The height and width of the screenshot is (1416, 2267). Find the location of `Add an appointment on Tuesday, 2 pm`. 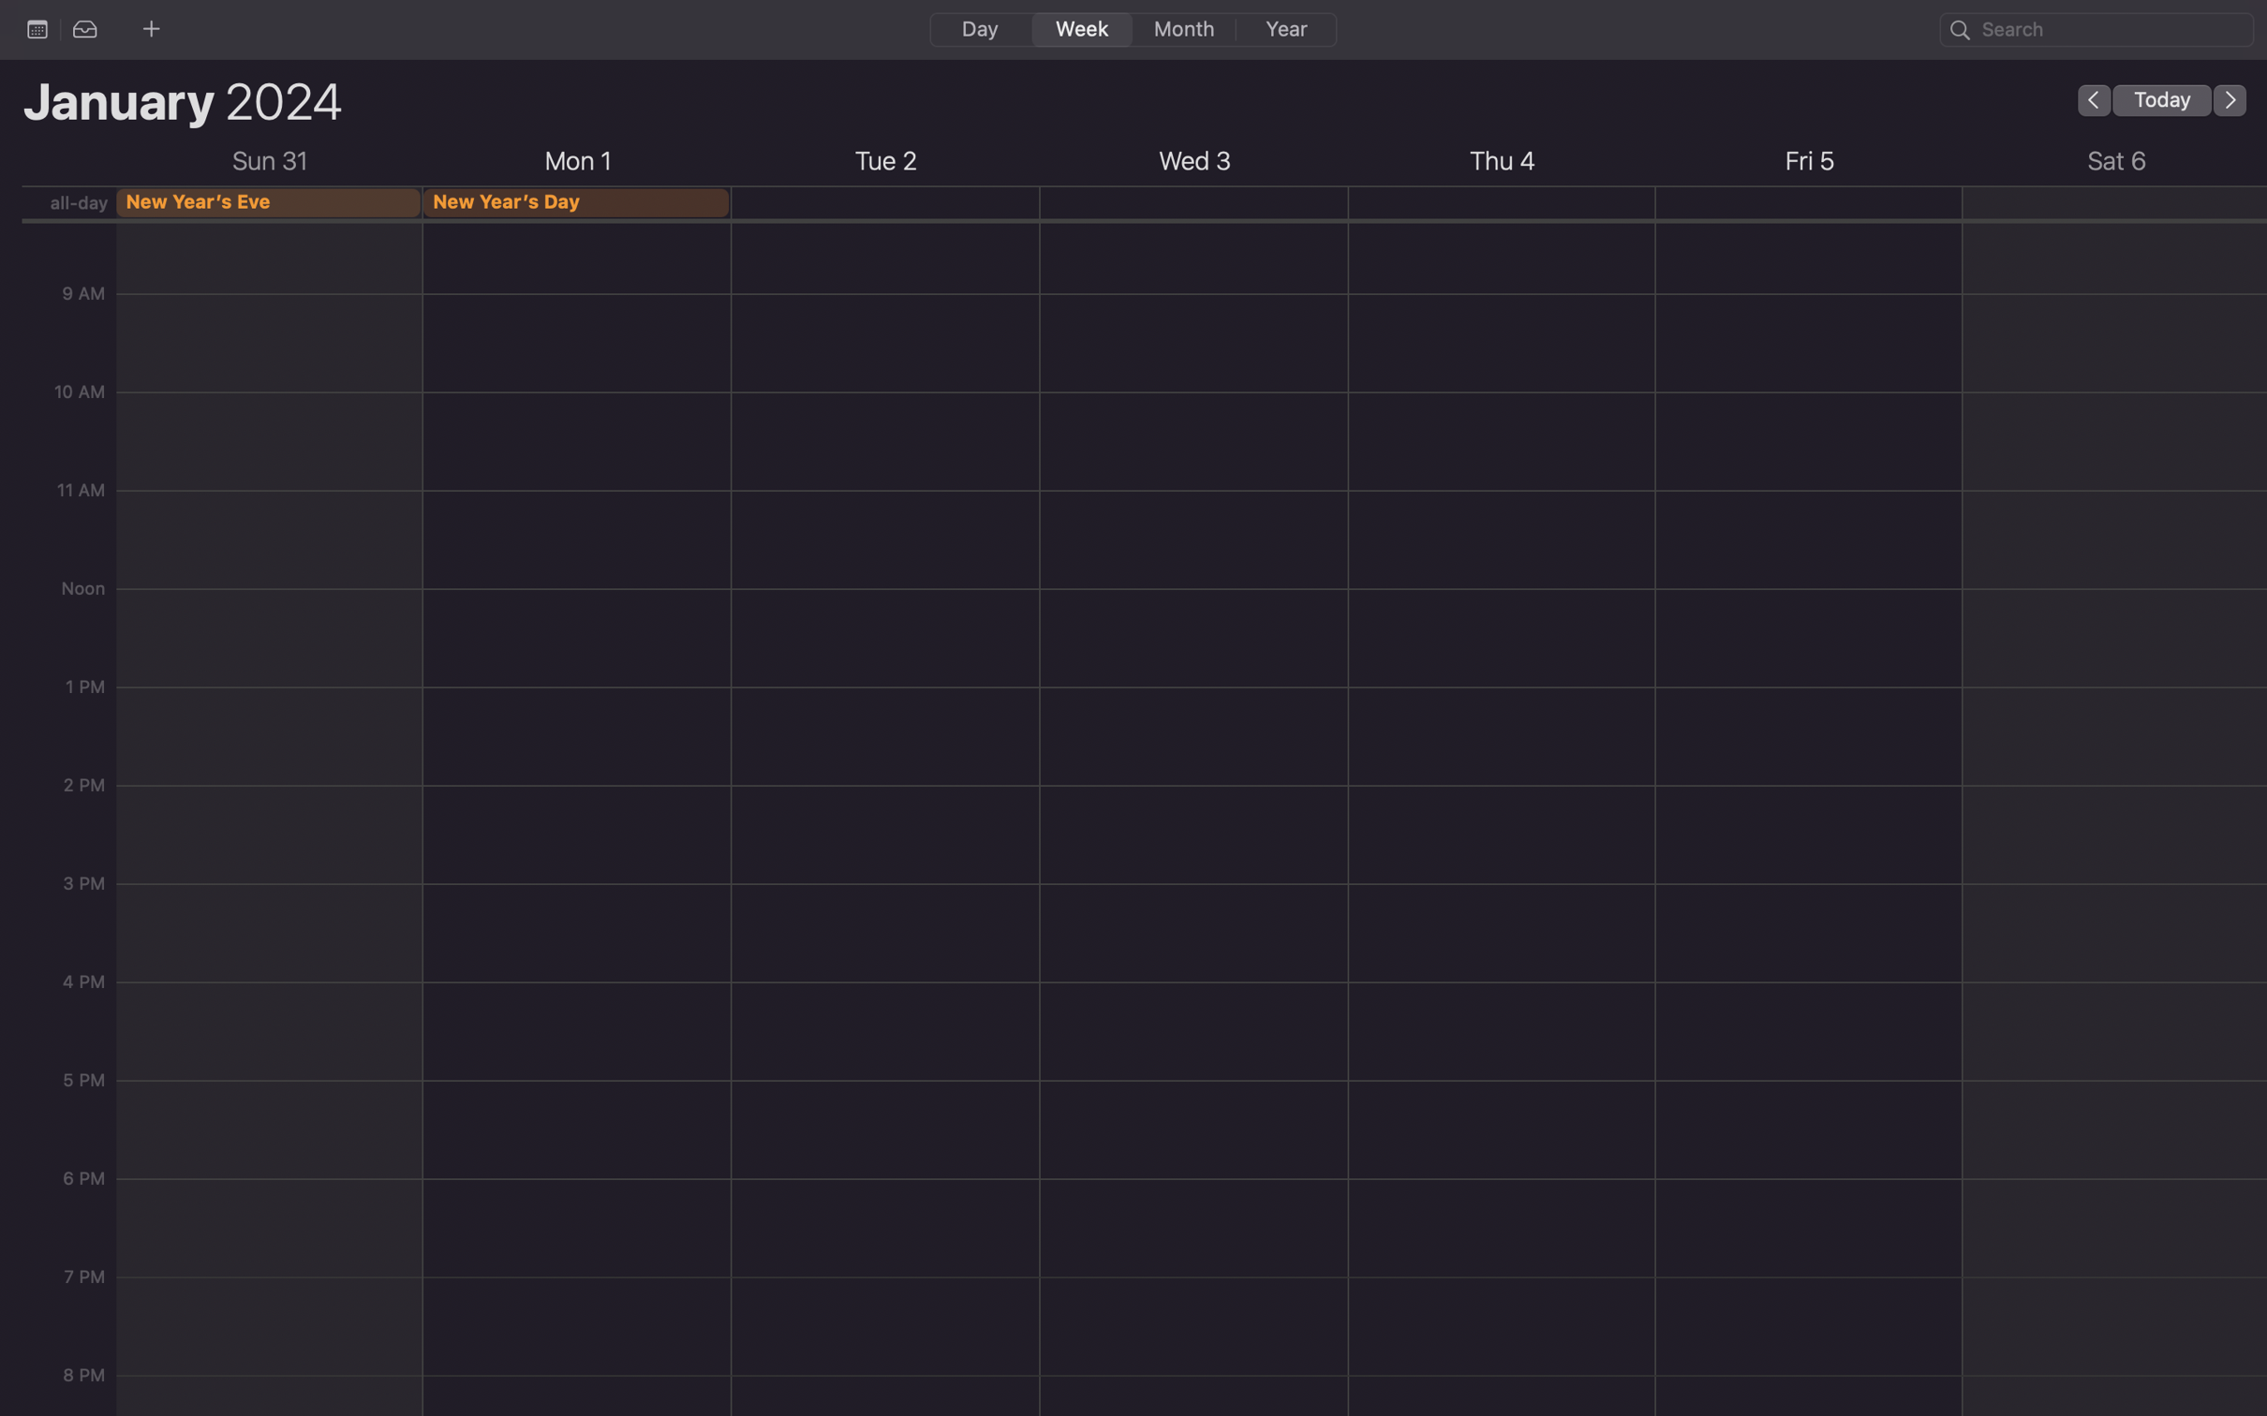

Add an appointment on Tuesday, 2 pm is located at coordinates (884, 914).